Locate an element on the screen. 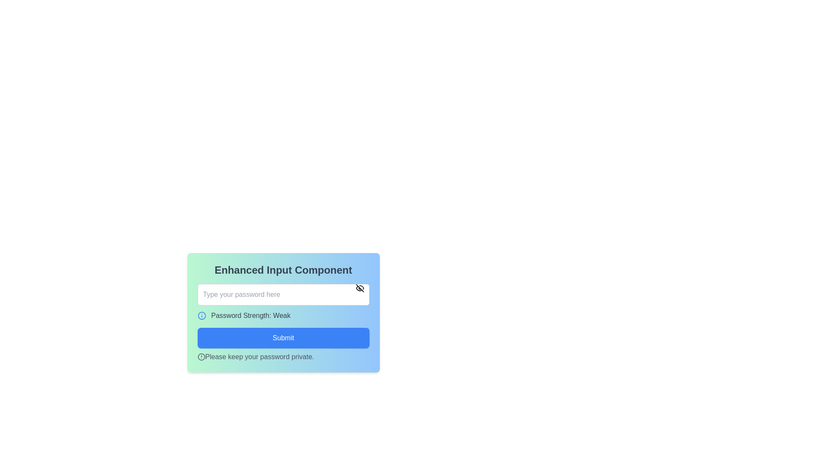 The height and width of the screenshot is (464, 825). the diagonal stroke element of the 'eye-off' icon, which indicates hiding or revealing password text in the input field is located at coordinates (360, 288).